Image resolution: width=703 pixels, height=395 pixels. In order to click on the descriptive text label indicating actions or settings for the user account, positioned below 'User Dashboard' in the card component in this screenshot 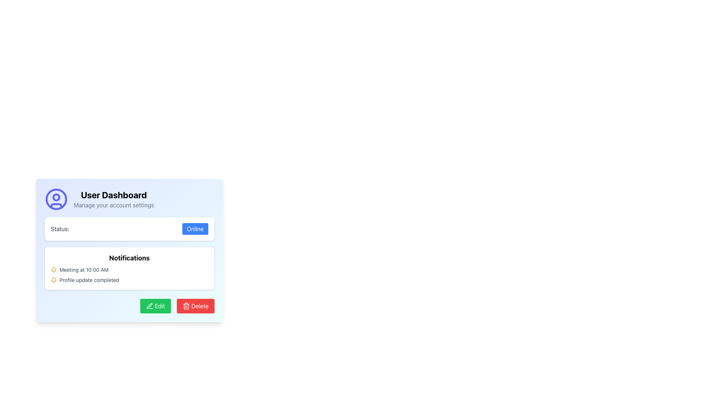, I will do `click(114, 205)`.